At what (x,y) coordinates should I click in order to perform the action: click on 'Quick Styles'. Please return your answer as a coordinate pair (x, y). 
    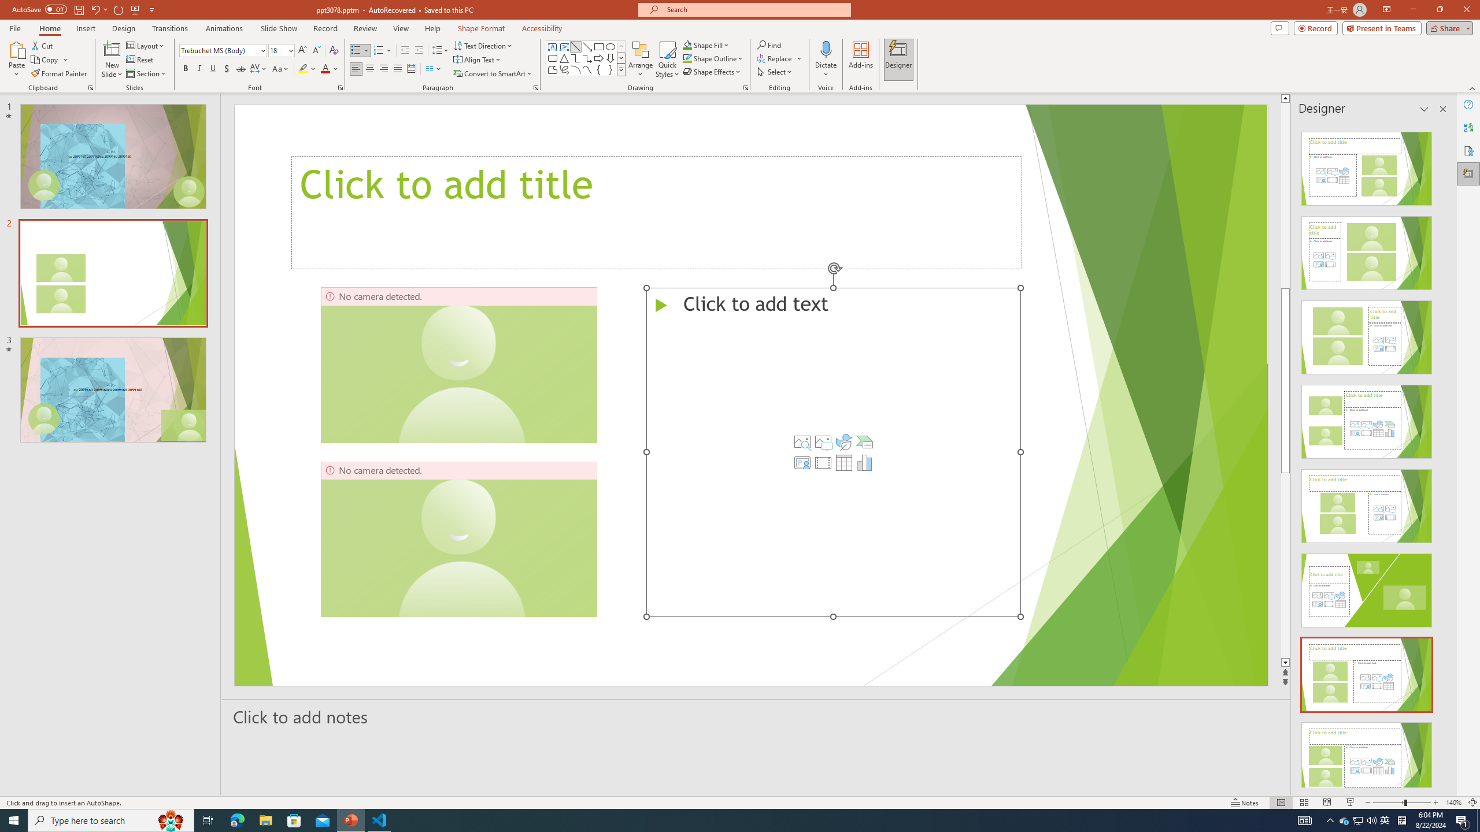
    Looking at the image, I should click on (667, 60).